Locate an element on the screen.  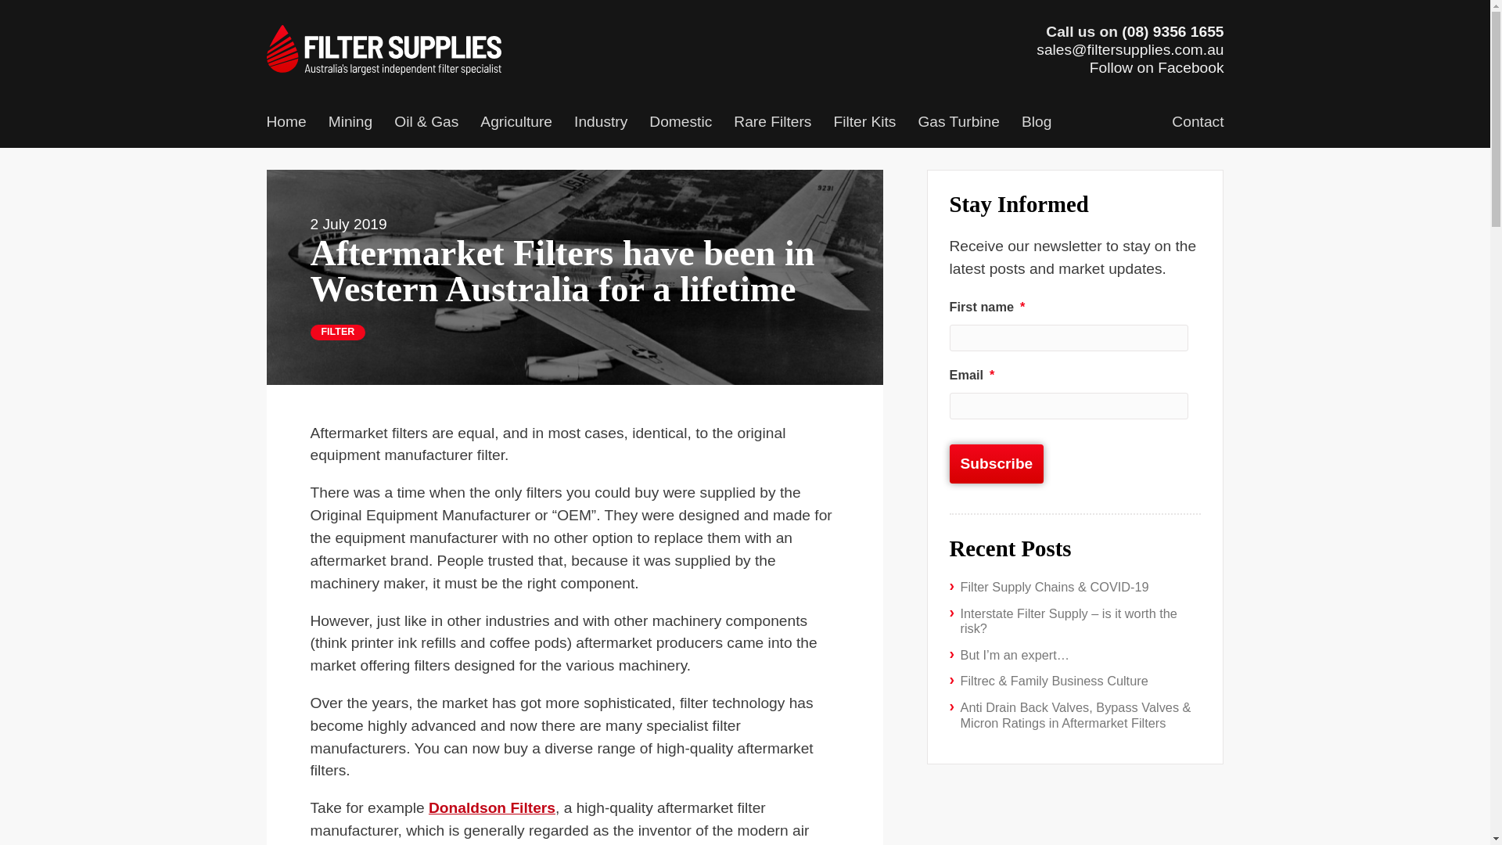
'Subscribe' is located at coordinates (996, 463).